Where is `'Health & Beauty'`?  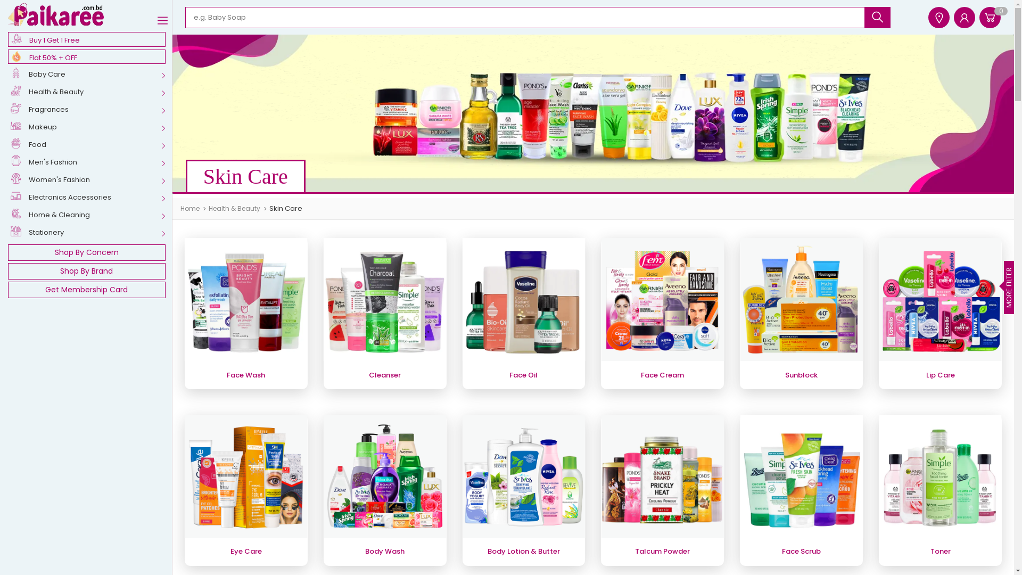 'Health & Beauty' is located at coordinates (237, 208).